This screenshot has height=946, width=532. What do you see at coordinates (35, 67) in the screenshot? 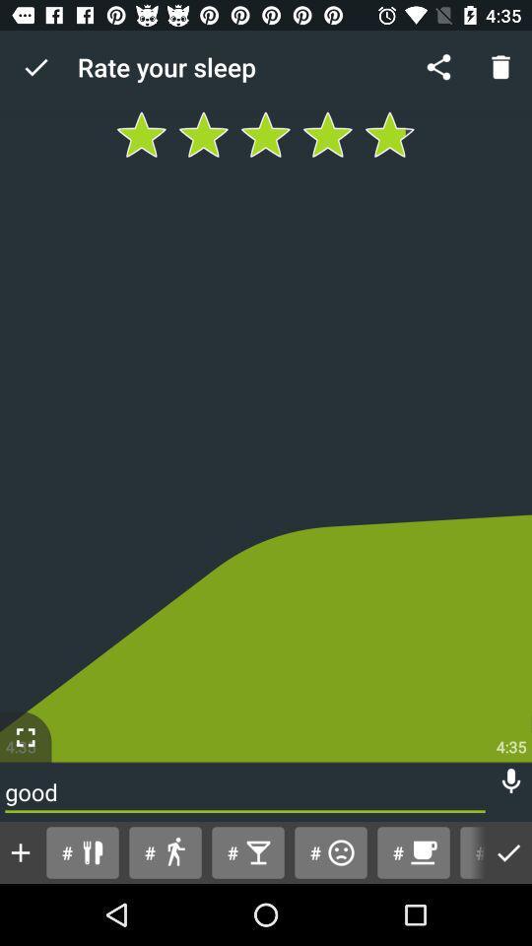
I see `icon next to the rate your sleep` at bounding box center [35, 67].